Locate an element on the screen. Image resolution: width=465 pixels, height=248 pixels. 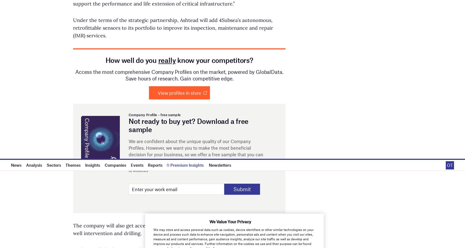
'Sitemap' is located at coordinates (359, 21).